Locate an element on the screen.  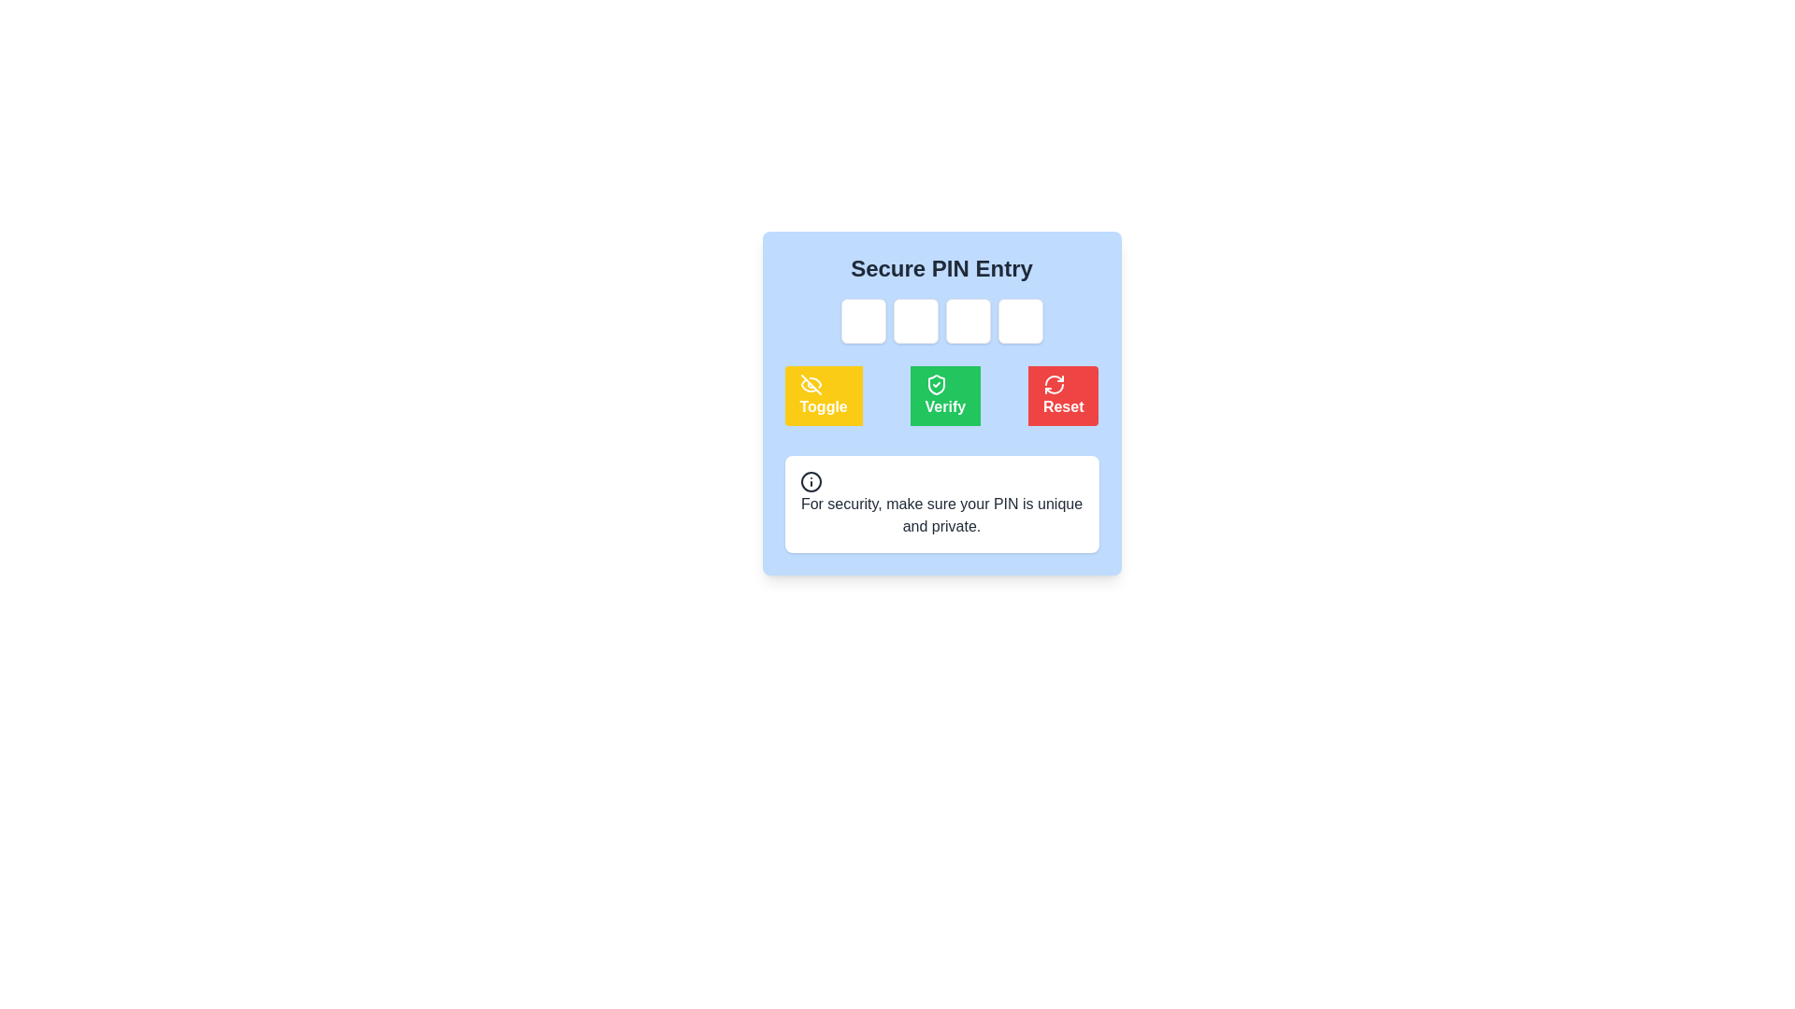
the fourth single-character password input field, which is styled with a white background and rounded borders, located in the 'Secure PIN Entry' section is located at coordinates (1019, 320).